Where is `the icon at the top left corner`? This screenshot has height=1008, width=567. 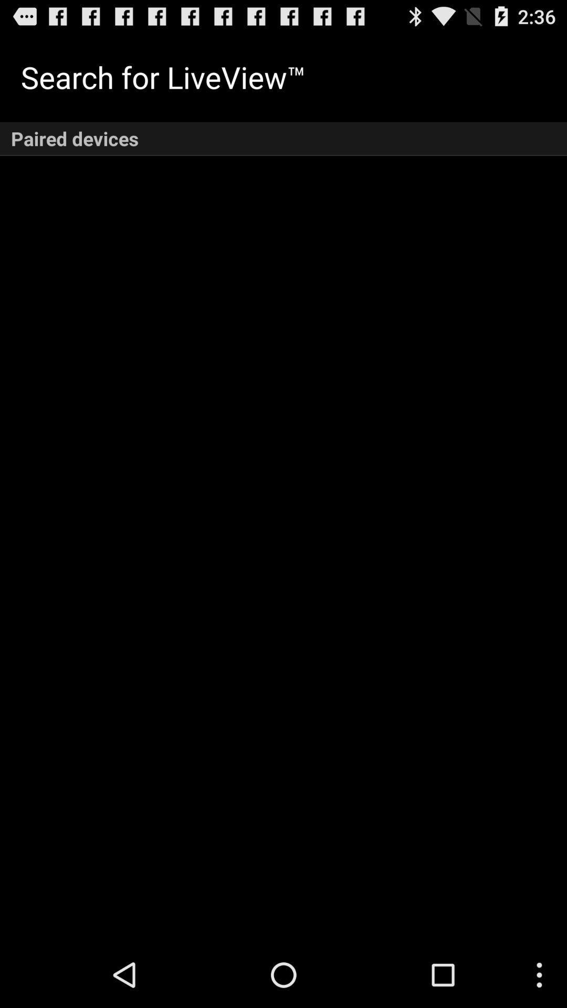
the icon at the top left corner is located at coordinates (163, 76).